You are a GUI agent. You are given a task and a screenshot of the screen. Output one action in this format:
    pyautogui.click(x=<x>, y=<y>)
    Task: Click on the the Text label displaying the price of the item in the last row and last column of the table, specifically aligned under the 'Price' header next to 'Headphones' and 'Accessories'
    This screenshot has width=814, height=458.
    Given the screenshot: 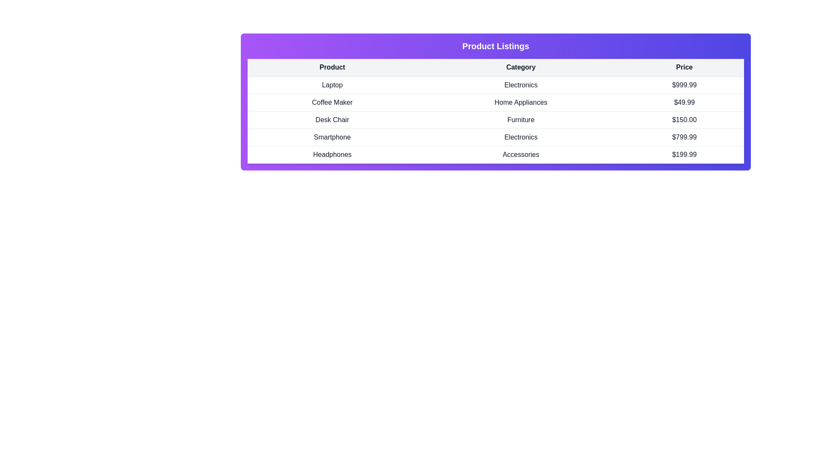 What is the action you would take?
    pyautogui.click(x=684, y=155)
    